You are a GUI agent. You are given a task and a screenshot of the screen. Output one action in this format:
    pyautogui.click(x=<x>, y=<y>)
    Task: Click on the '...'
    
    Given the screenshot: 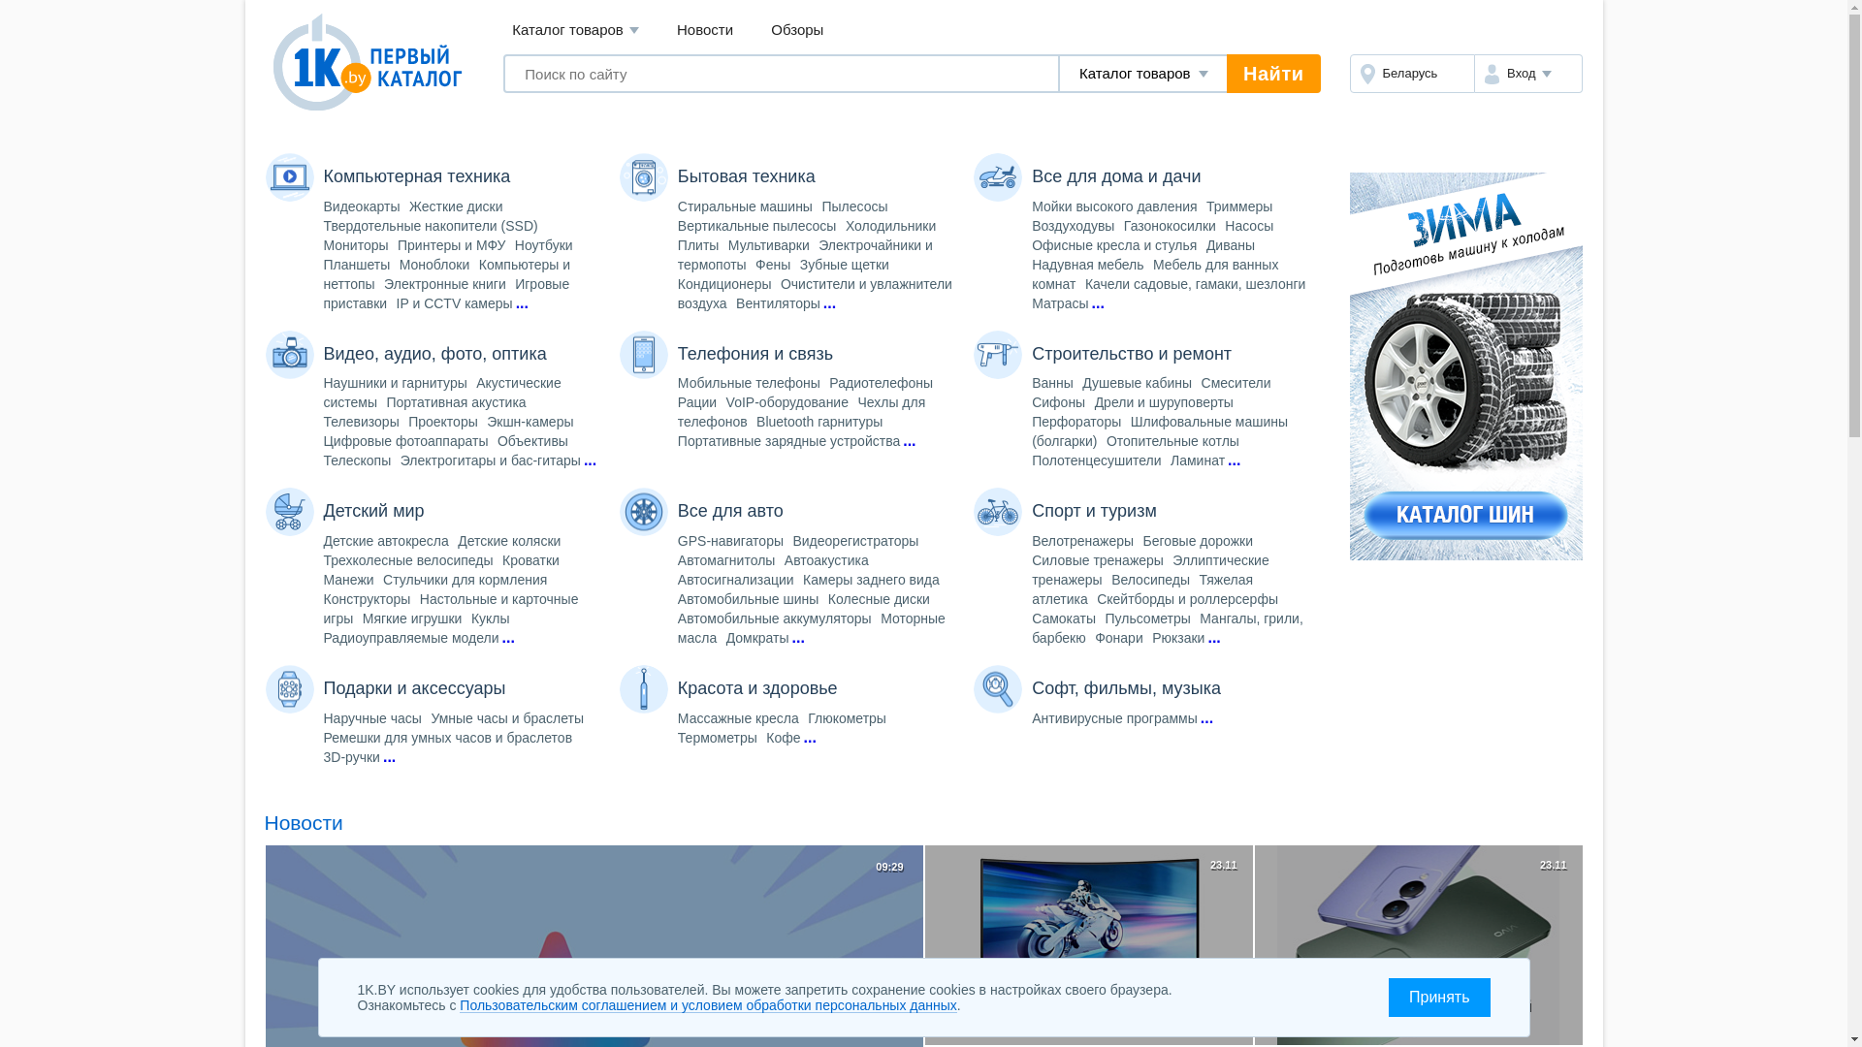 What is the action you would take?
    pyautogui.click(x=829, y=302)
    